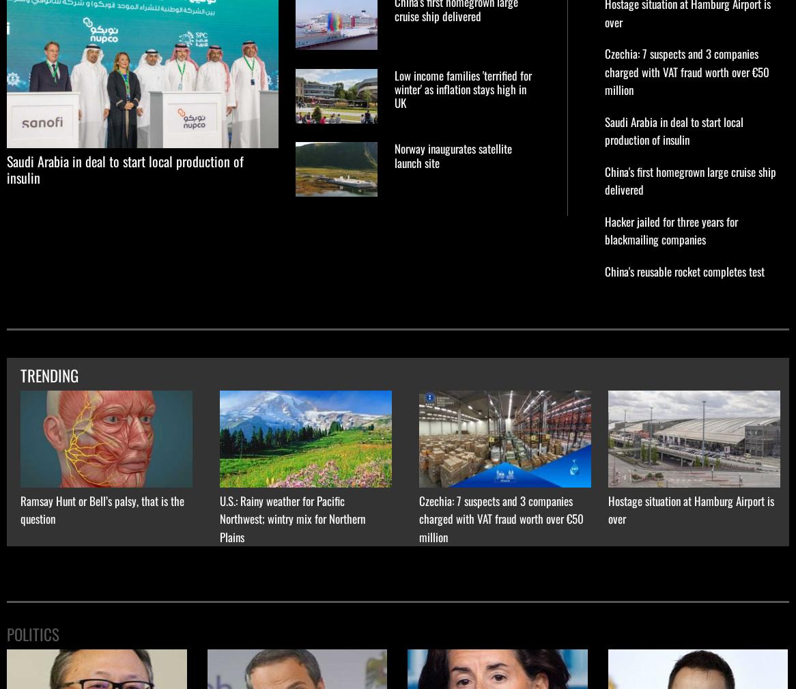 The height and width of the screenshot is (689, 796). What do you see at coordinates (462, 87) in the screenshot?
I see `'Low income families 'terrified for winter' as inflation stays high in UK'` at bounding box center [462, 87].